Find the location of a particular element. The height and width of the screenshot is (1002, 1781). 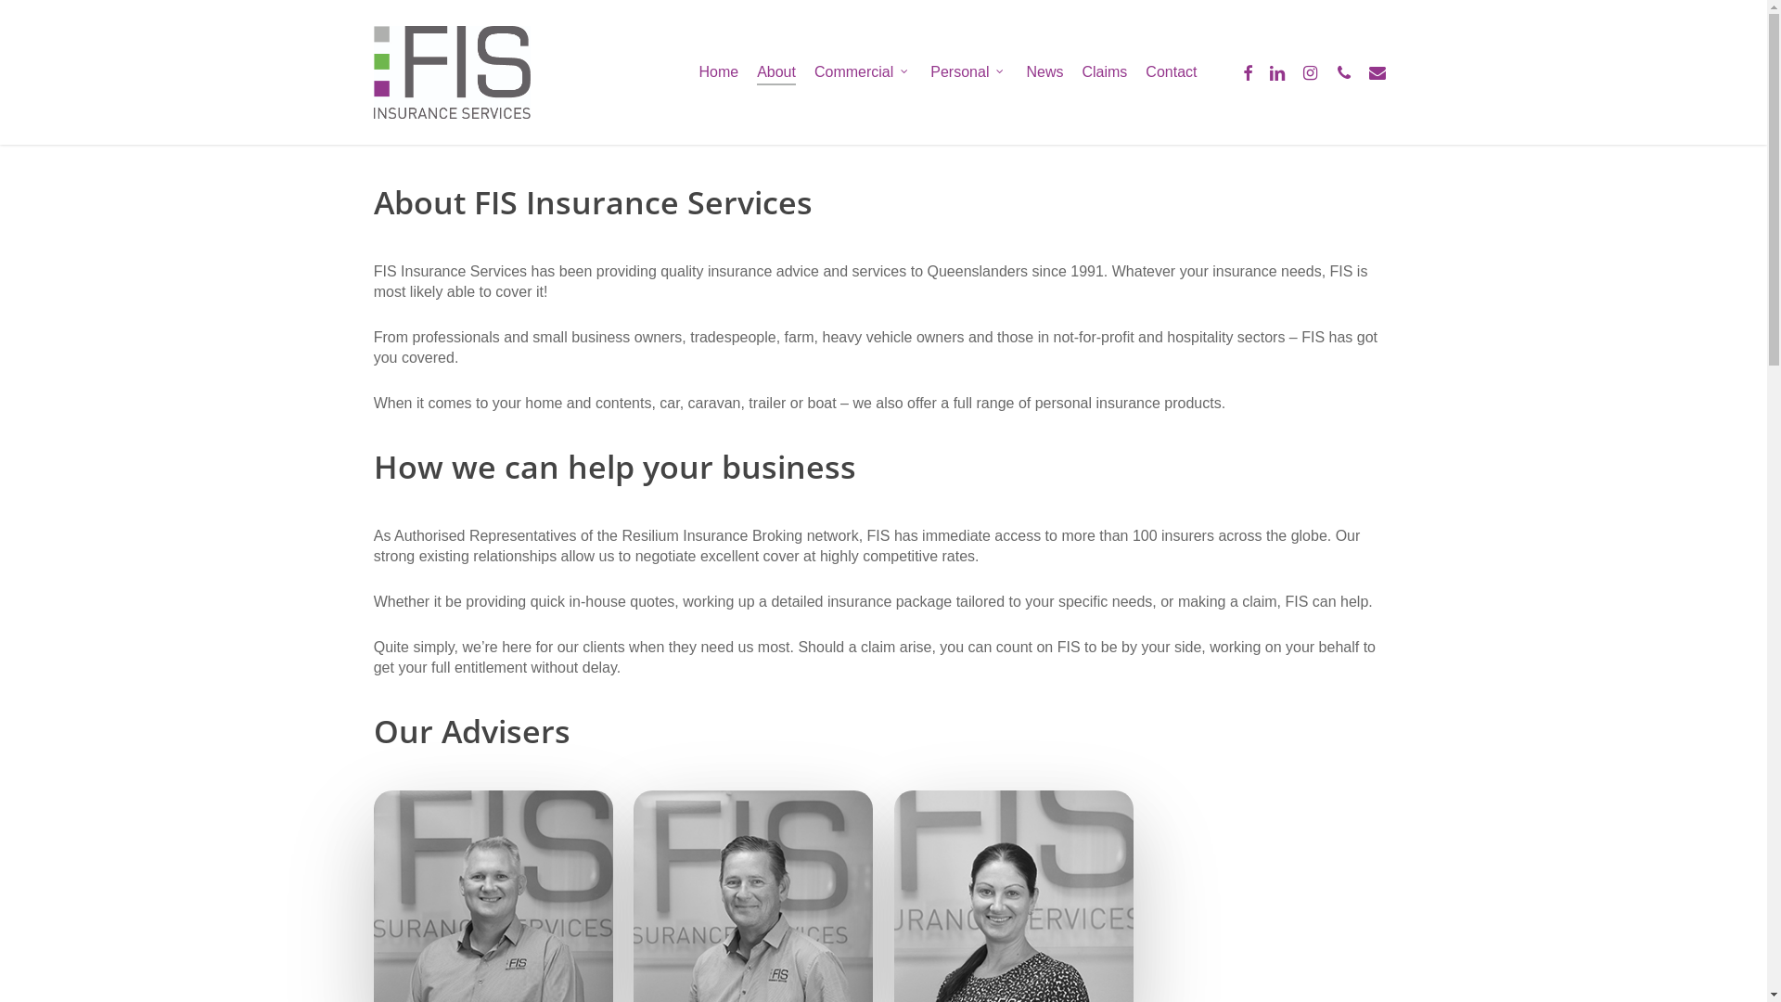

'News' is located at coordinates (1044, 71).